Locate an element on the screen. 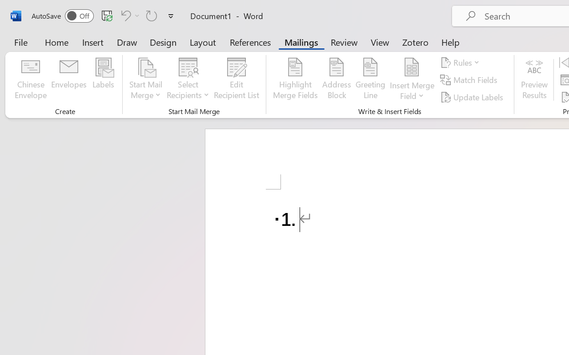 Image resolution: width=569 pixels, height=355 pixels. 'Rules' is located at coordinates (461, 63).